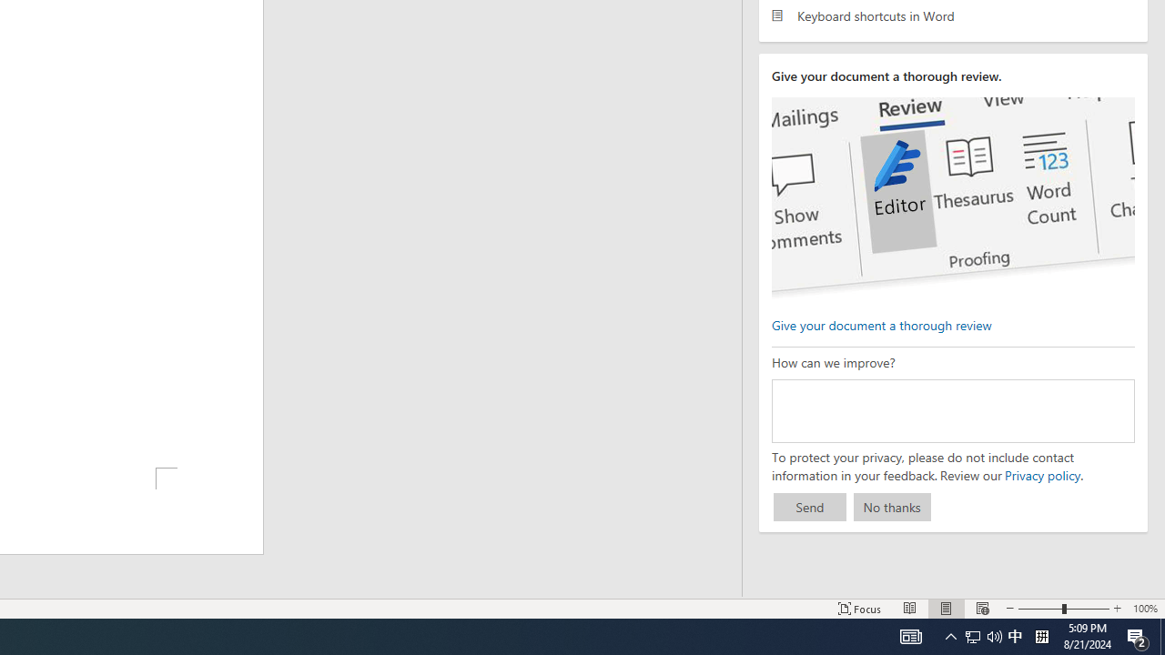 The width and height of the screenshot is (1165, 655). Describe the element at coordinates (1040, 609) in the screenshot. I see `'Zoom Out'` at that location.